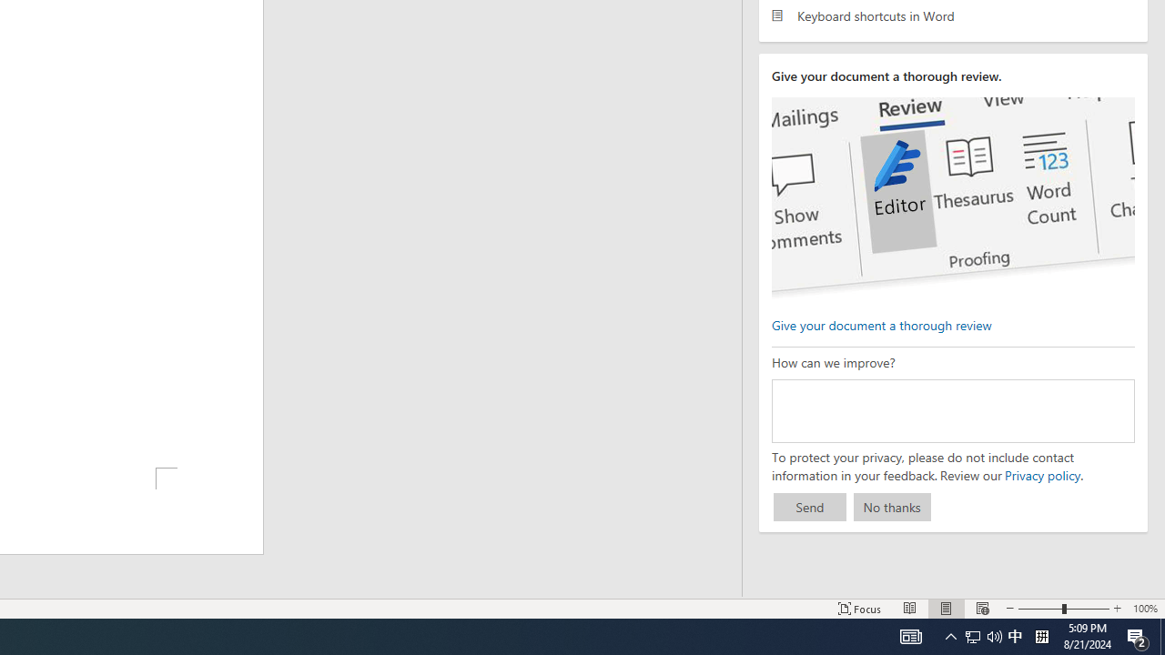 The width and height of the screenshot is (1165, 655). Describe the element at coordinates (1040, 609) in the screenshot. I see `'Zoom Out'` at that location.